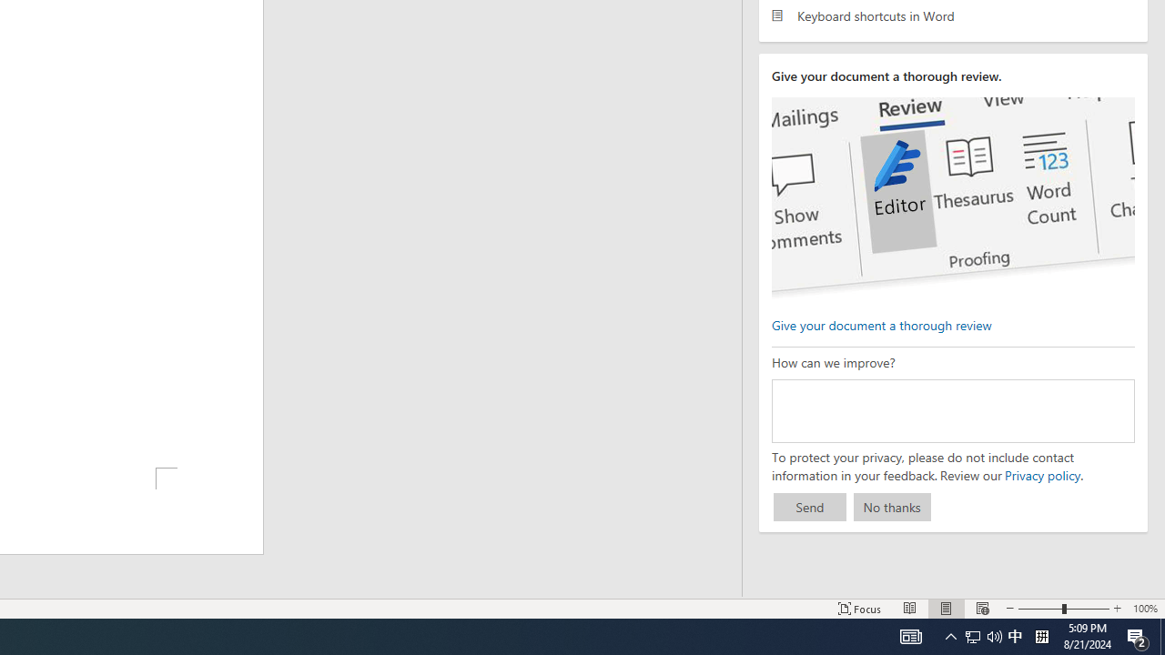 The width and height of the screenshot is (1165, 655). Describe the element at coordinates (1040, 609) in the screenshot. I see `'Zoom Out'` at that location.